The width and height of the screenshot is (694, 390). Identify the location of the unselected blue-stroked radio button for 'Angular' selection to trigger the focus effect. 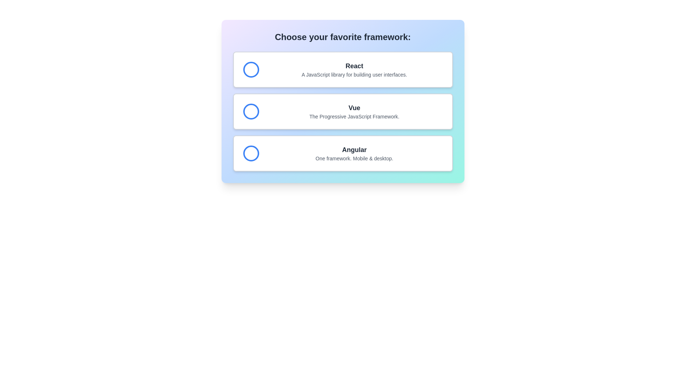
(251, 153).